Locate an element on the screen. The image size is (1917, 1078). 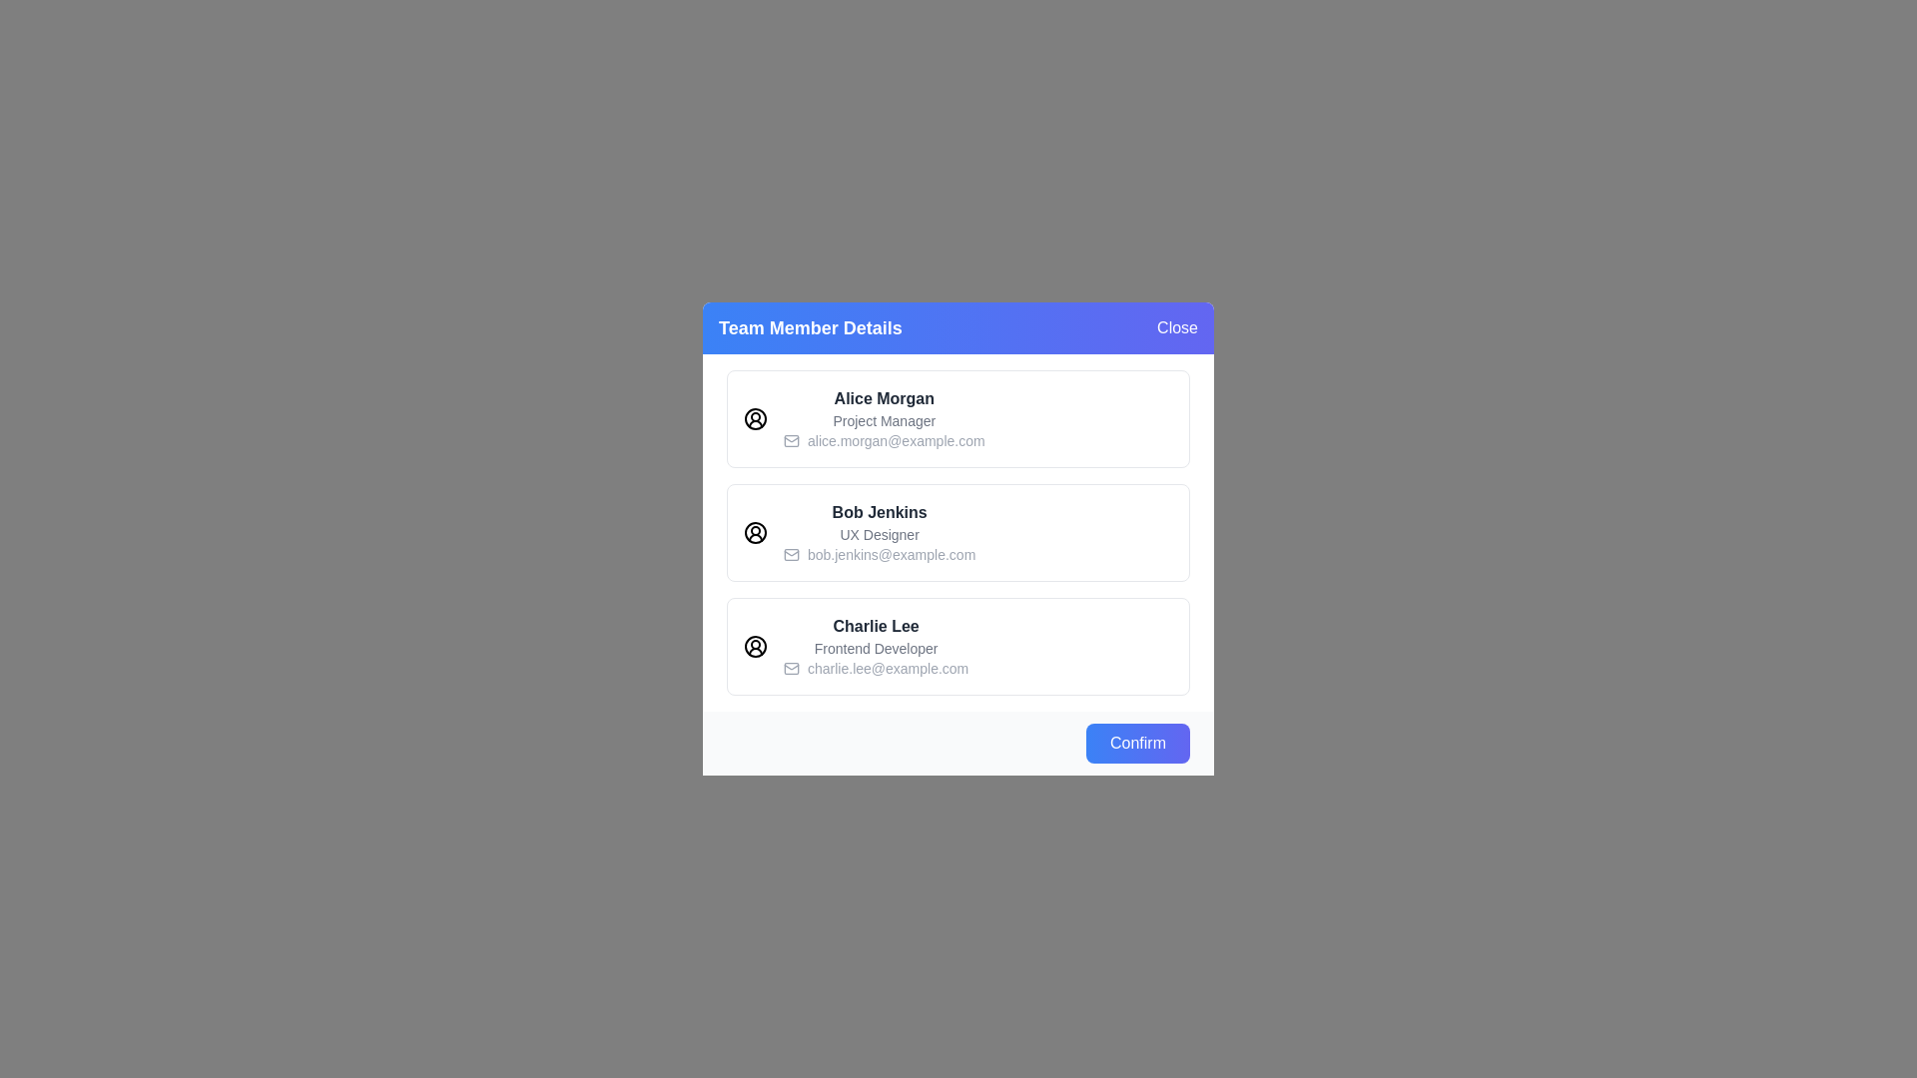
the email address of team member Bob Jenkins on the Information Card located in the second entry of the vertical list within the modal dialog is located at coordinates (958, 539).